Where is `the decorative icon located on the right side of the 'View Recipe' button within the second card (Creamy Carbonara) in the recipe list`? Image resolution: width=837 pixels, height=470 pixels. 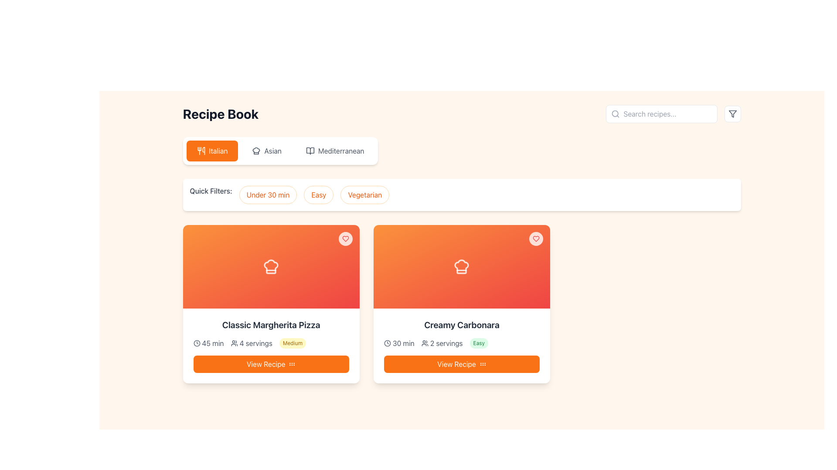 the decorative icon located on the right side of the 'View Recipe' button within the second card (Creamy Carbonara) in the recipe list is located at coordinates (482, 364).